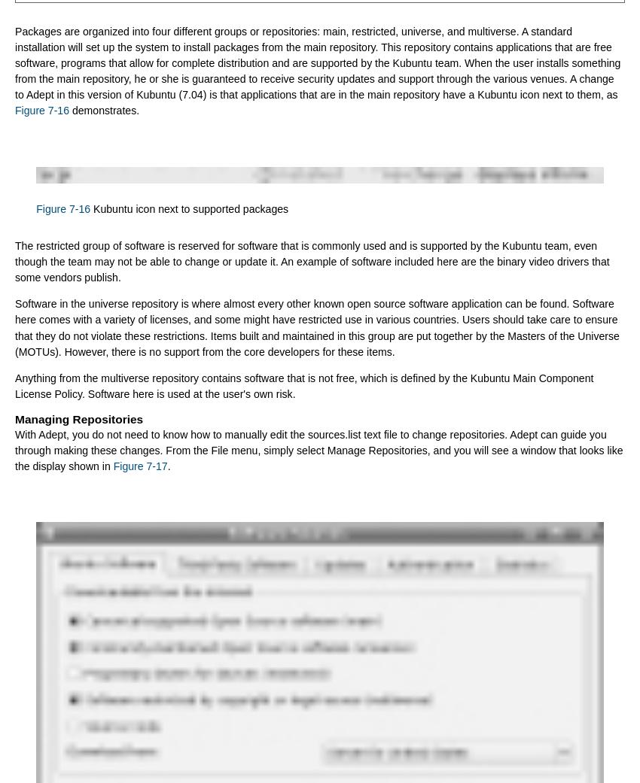 Image resolution: width=640 pixels, height=783 pixels. Describe the element at coordinates (78, 419) in the screenshot. I see `'Managing Repositories'` at that location.